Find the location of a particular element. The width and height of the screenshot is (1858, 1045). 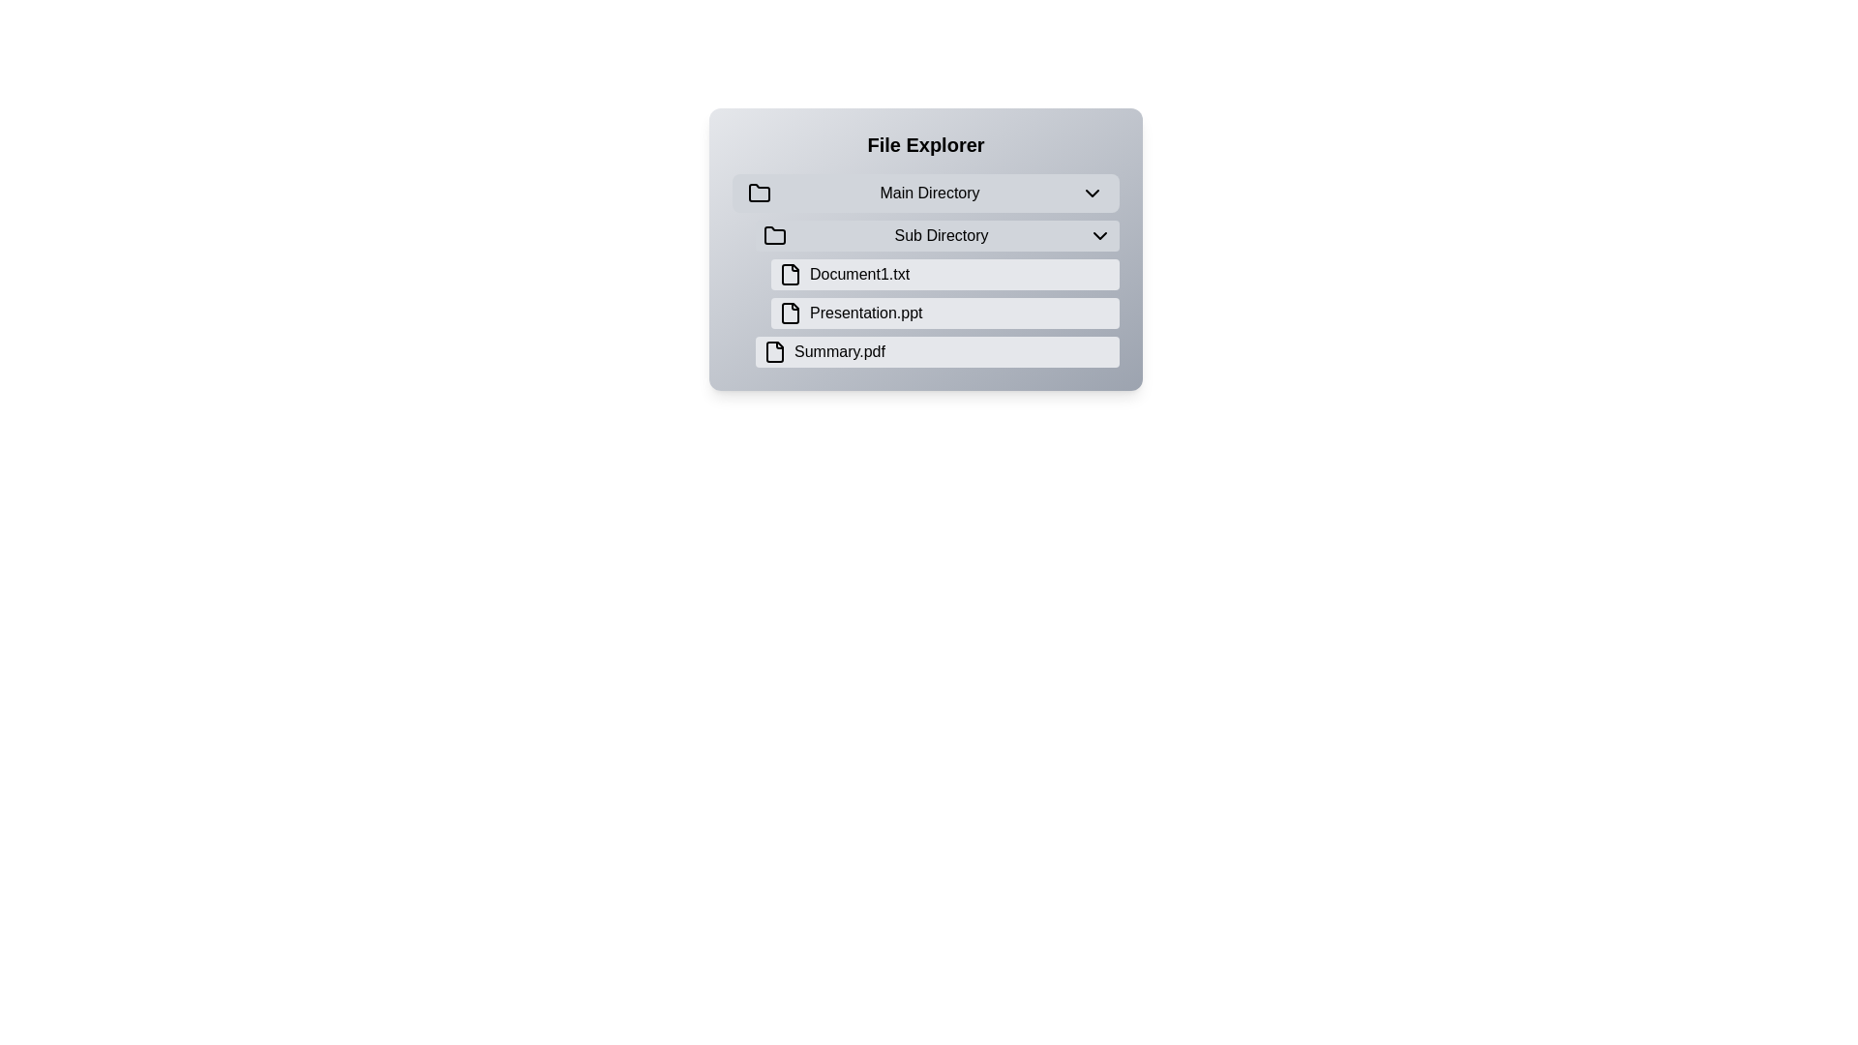

the visual indicator icon representing the 'Summary.pdf' file located at the bottom of the file list in the 'File Explorer' interface is located at coordinates (775, 351).